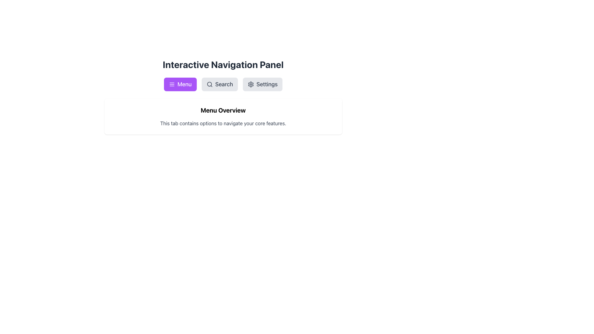 Image resolution: width=594 pixels, height=334 pixels. I want to click on the SVG Icon representing the 'hamburger menu' located within the 'Menu' button, positioned to the left of the label text 'Menu', so click(172, 84).